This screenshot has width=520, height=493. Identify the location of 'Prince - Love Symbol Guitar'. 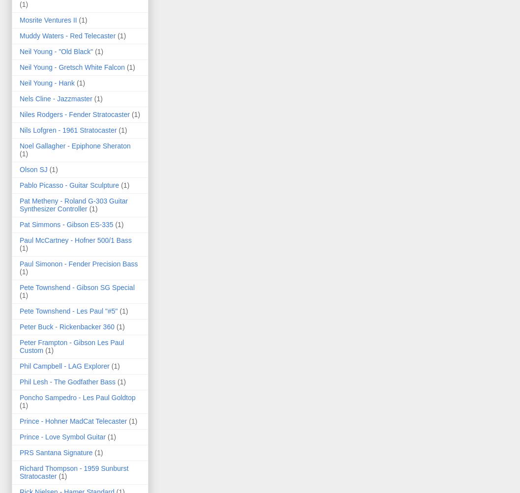
(62, 436).